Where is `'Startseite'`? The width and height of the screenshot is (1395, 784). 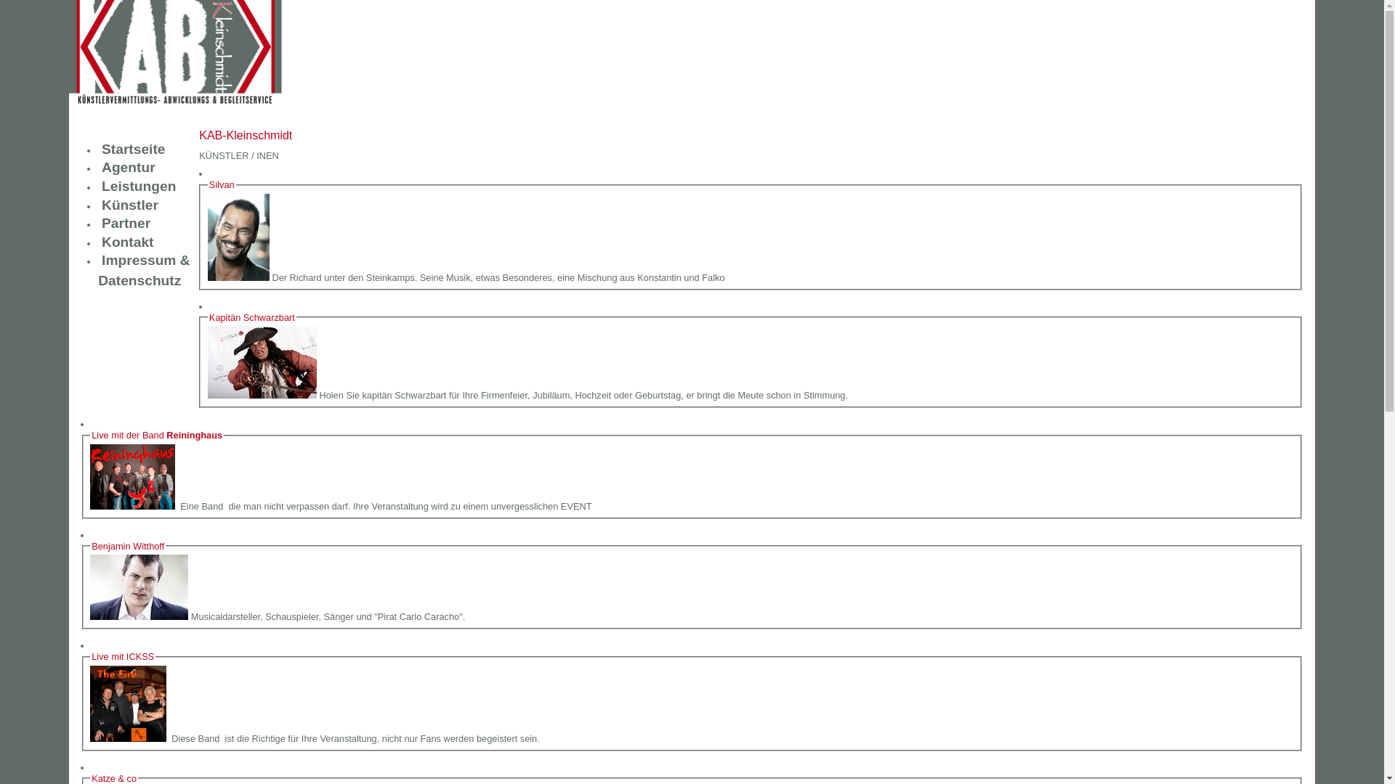
'Startseite' is located at coordinates (133, 149).